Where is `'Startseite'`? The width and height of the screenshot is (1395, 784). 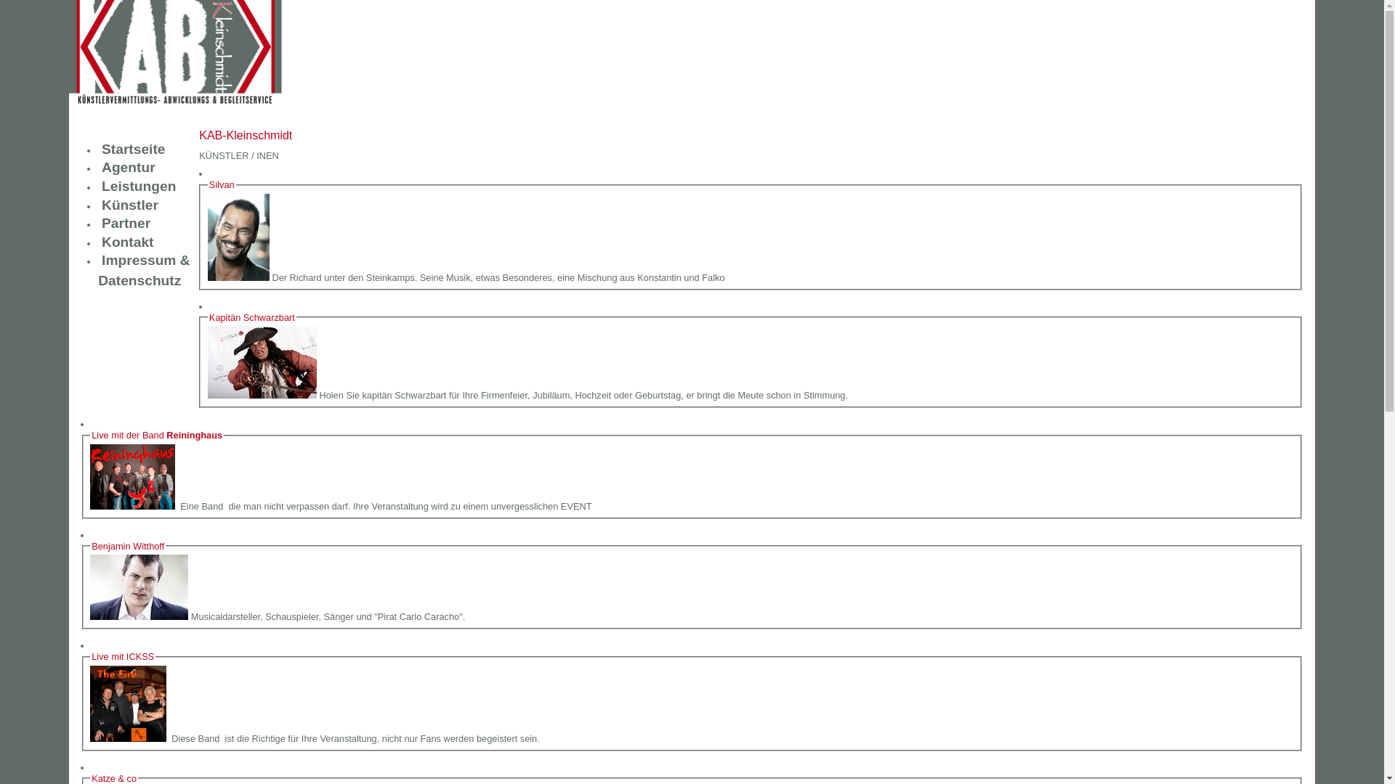
'Startseite' is located at coordinates (133, 149).